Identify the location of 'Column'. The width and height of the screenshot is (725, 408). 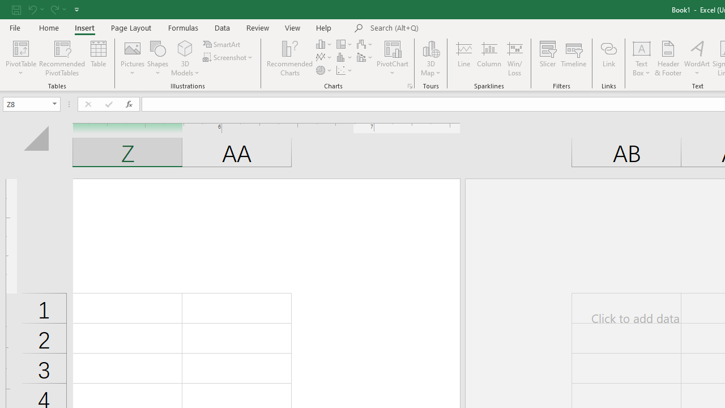
(489, 58).